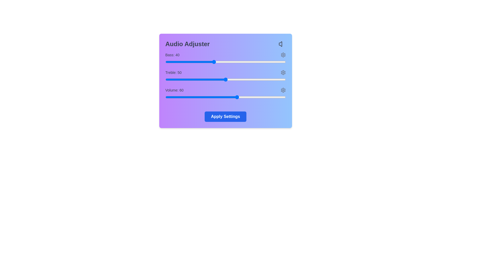 This screenshot has height=280, width=498. Describe the element at coordinates (282, 44) in the screenshot. I see `the volume control icon located on the far right side of the 'Audio Adjuster' title bar` at that location.